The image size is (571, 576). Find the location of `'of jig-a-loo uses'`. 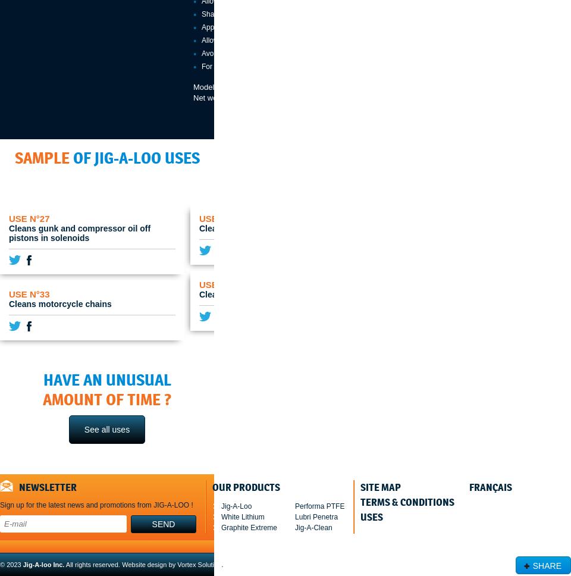

'of jig-a-loo uses' is located at coordinates (134, 158).